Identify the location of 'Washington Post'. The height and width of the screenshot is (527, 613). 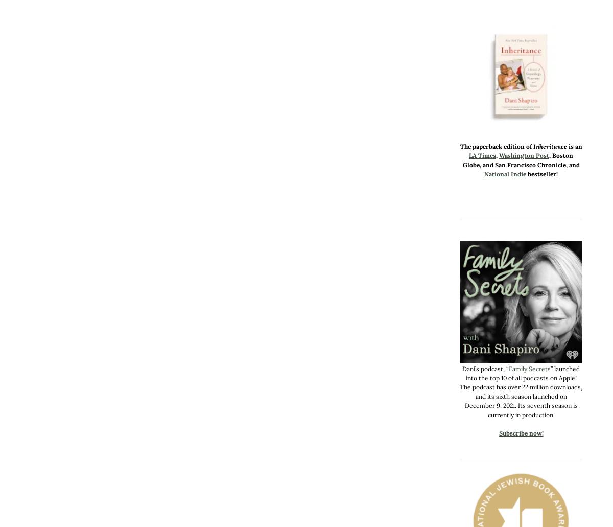
(524, 155).